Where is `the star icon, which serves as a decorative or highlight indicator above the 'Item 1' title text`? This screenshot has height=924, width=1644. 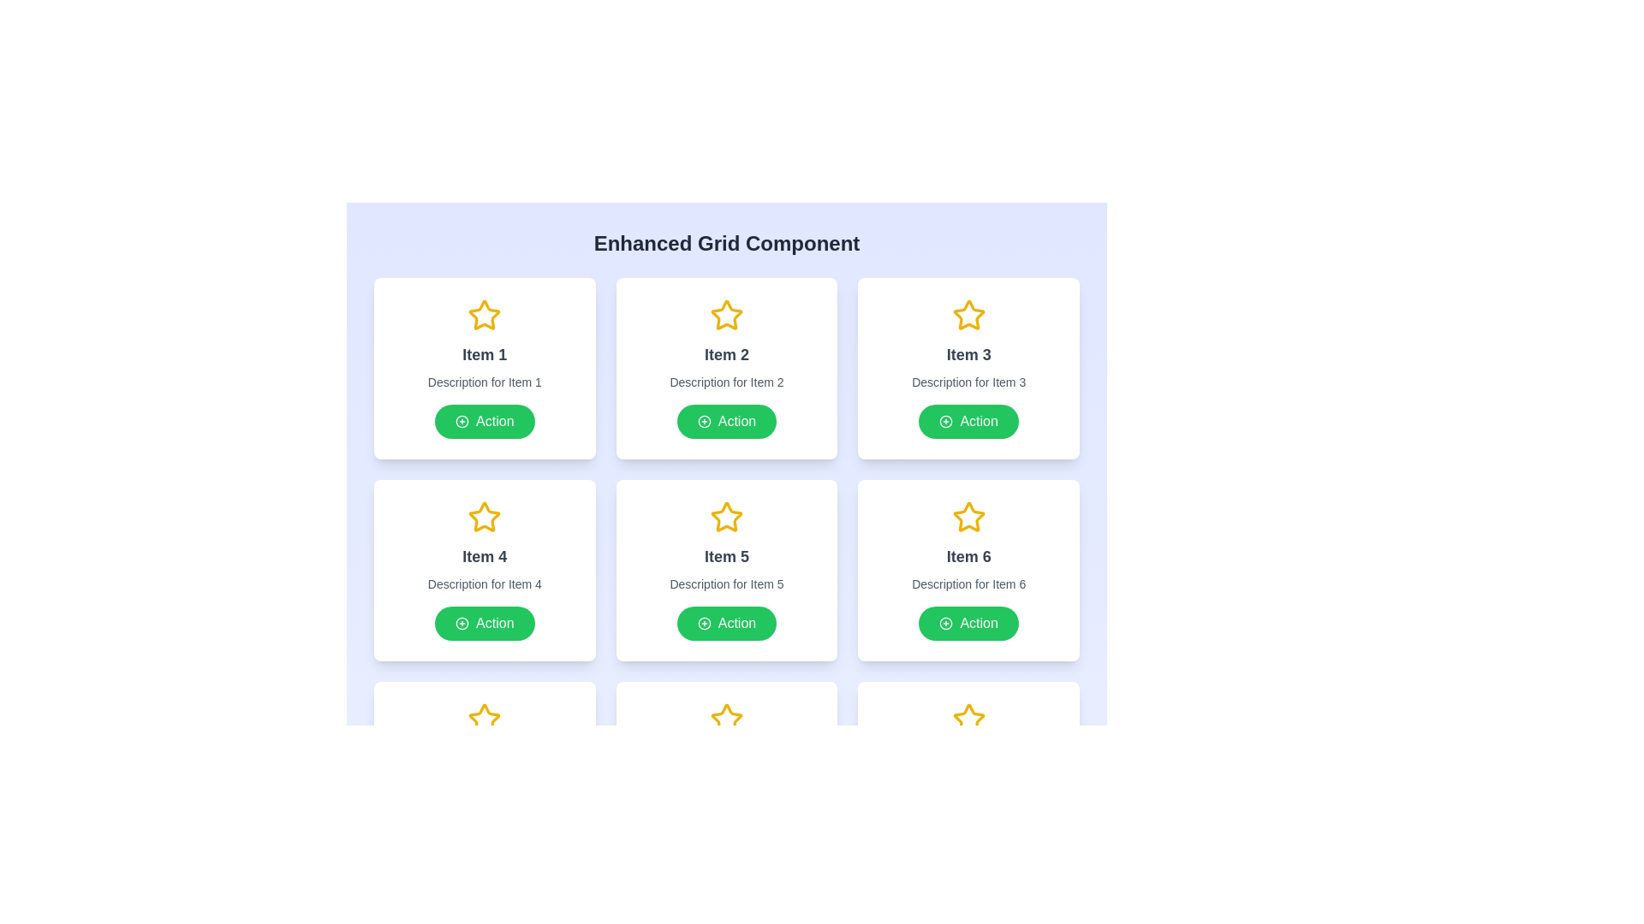 the star icon, which serves as a decorative or highlight indicator above the 'Item 1' title text is located at coordinates (484, 316).